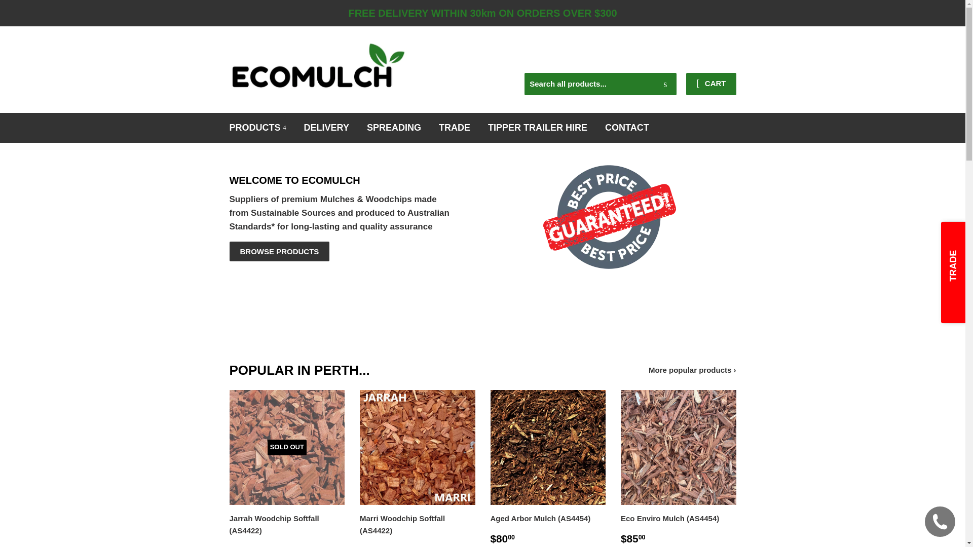 This screenshot has width=973, height=547. Describe the element at coordinates (626, 127) in the screenshot. I see `'CONTACT'` at that location.